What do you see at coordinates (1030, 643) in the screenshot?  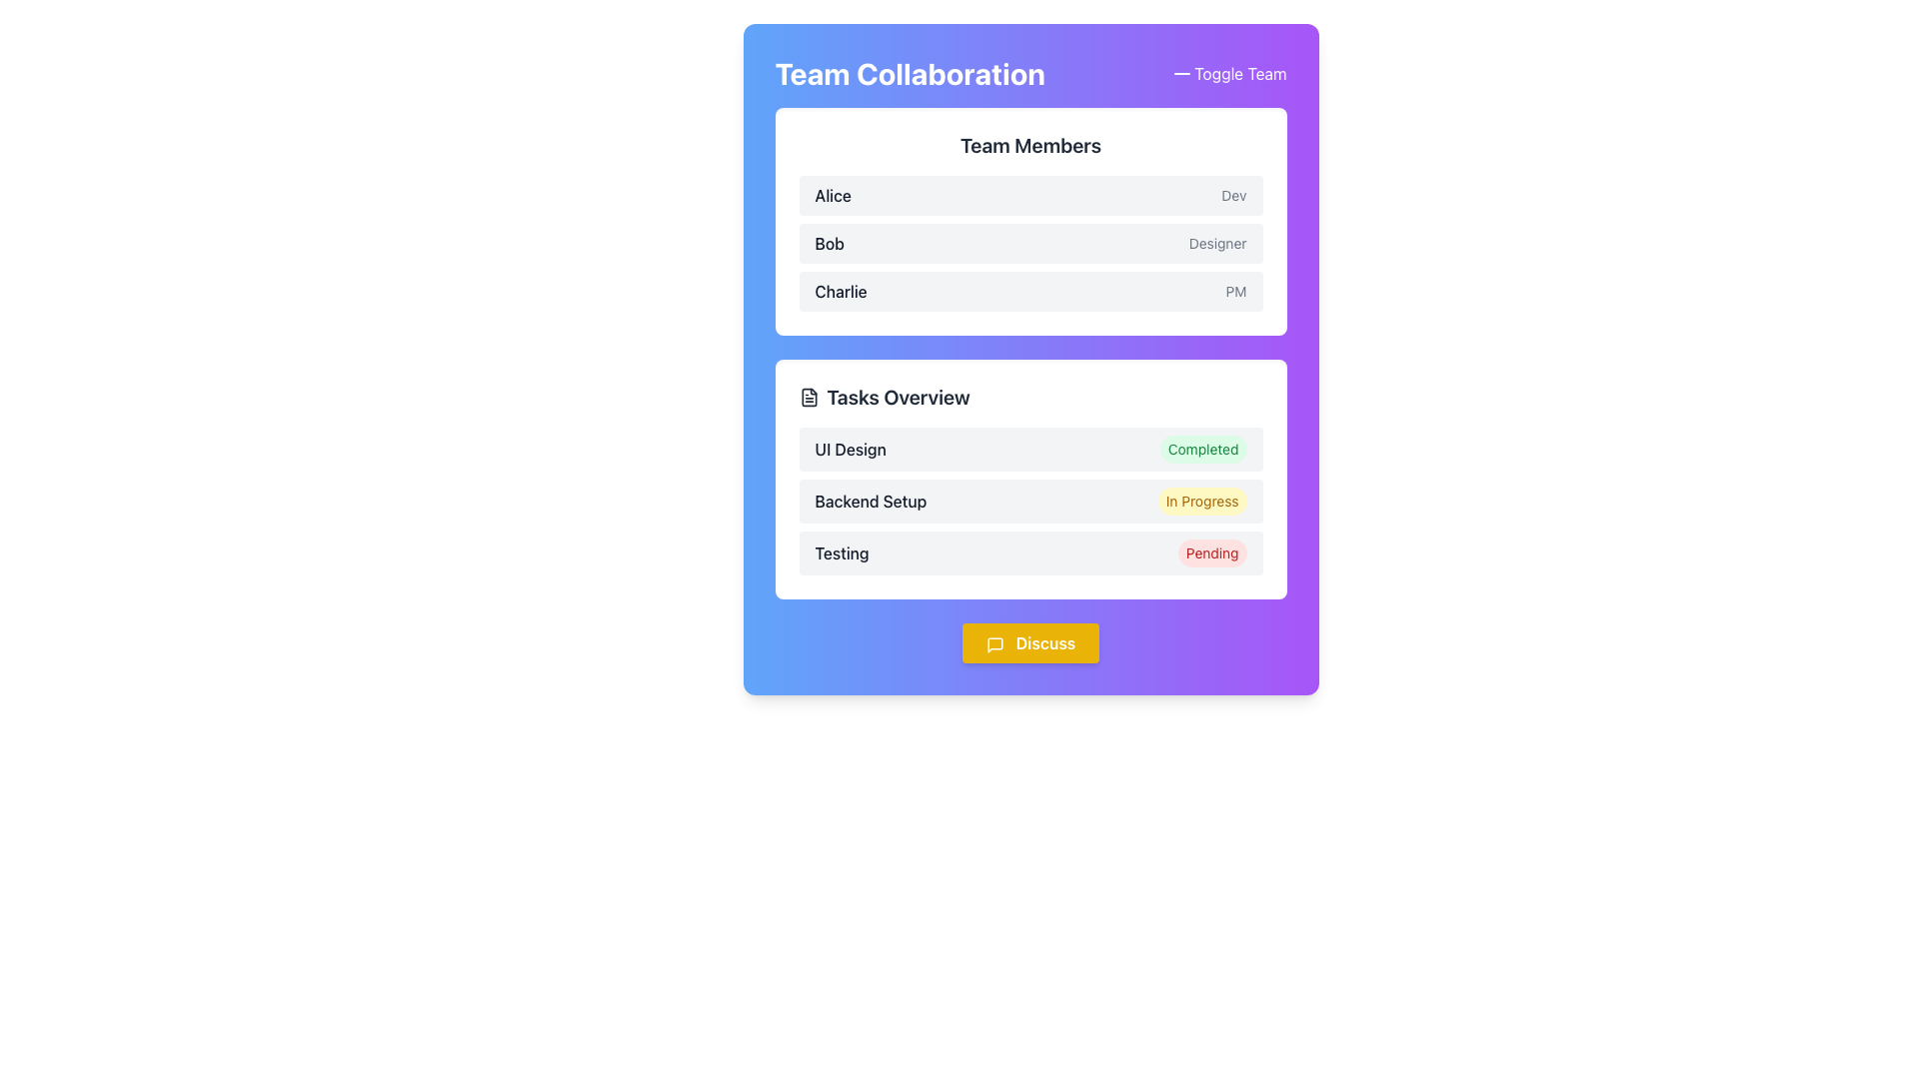 I see `the vibrant yellow 'Discuss' button with a speech bubble icon` at bounding box center [1030, 643].